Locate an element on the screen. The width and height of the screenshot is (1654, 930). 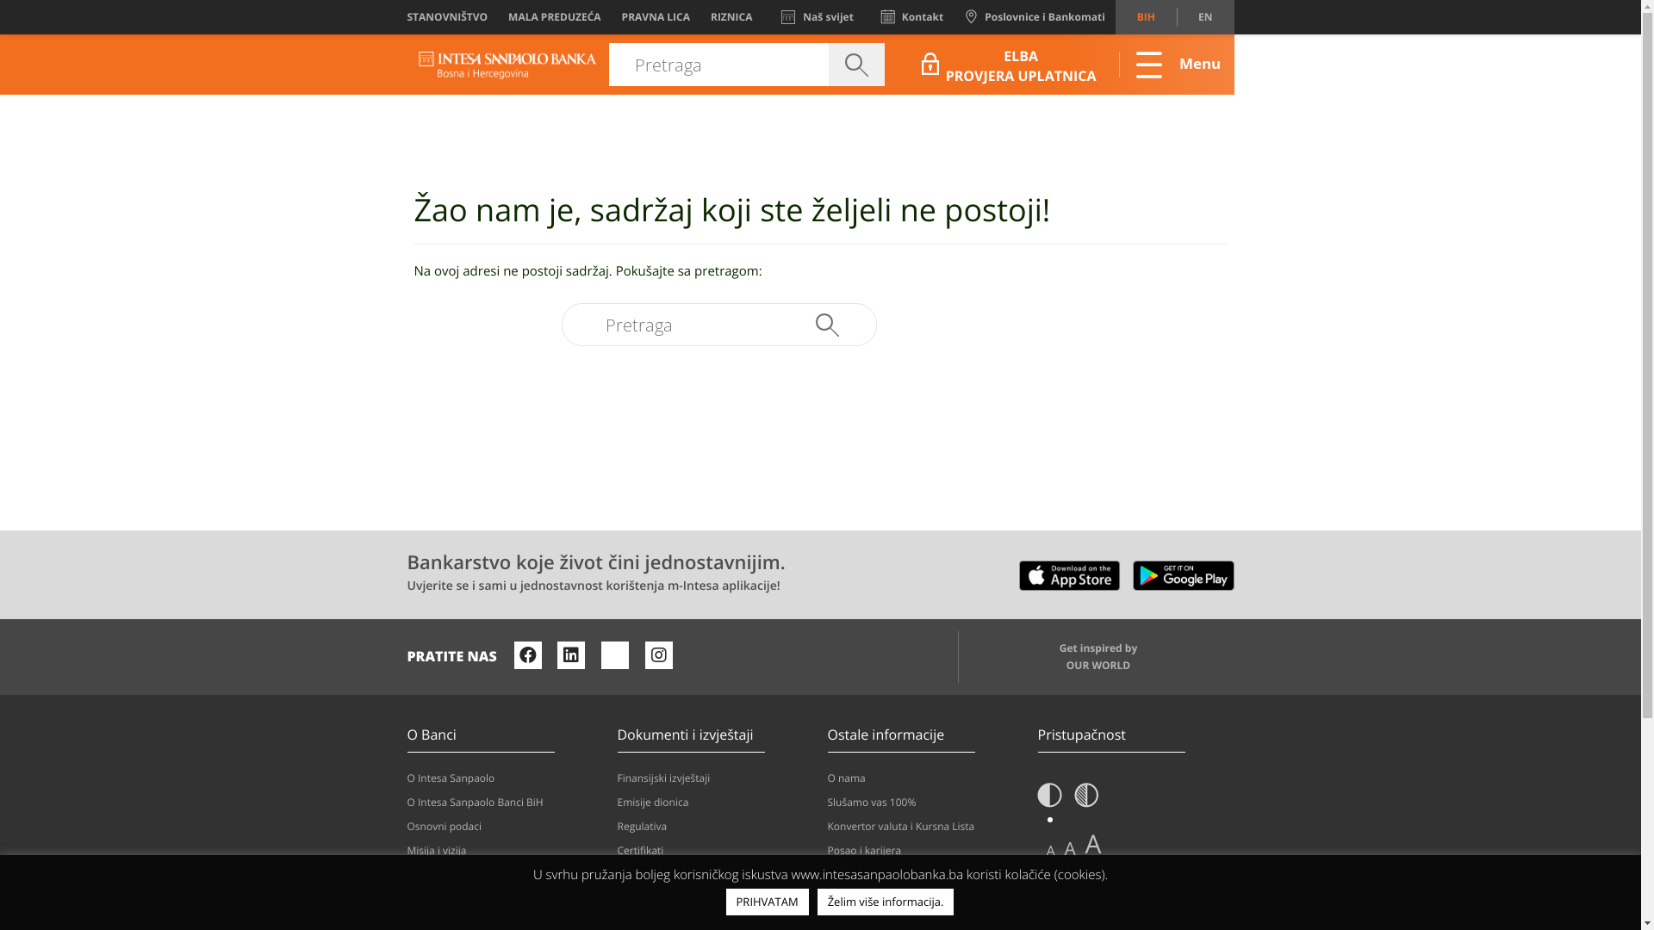
'A' is located at coordinates (1049, 849).